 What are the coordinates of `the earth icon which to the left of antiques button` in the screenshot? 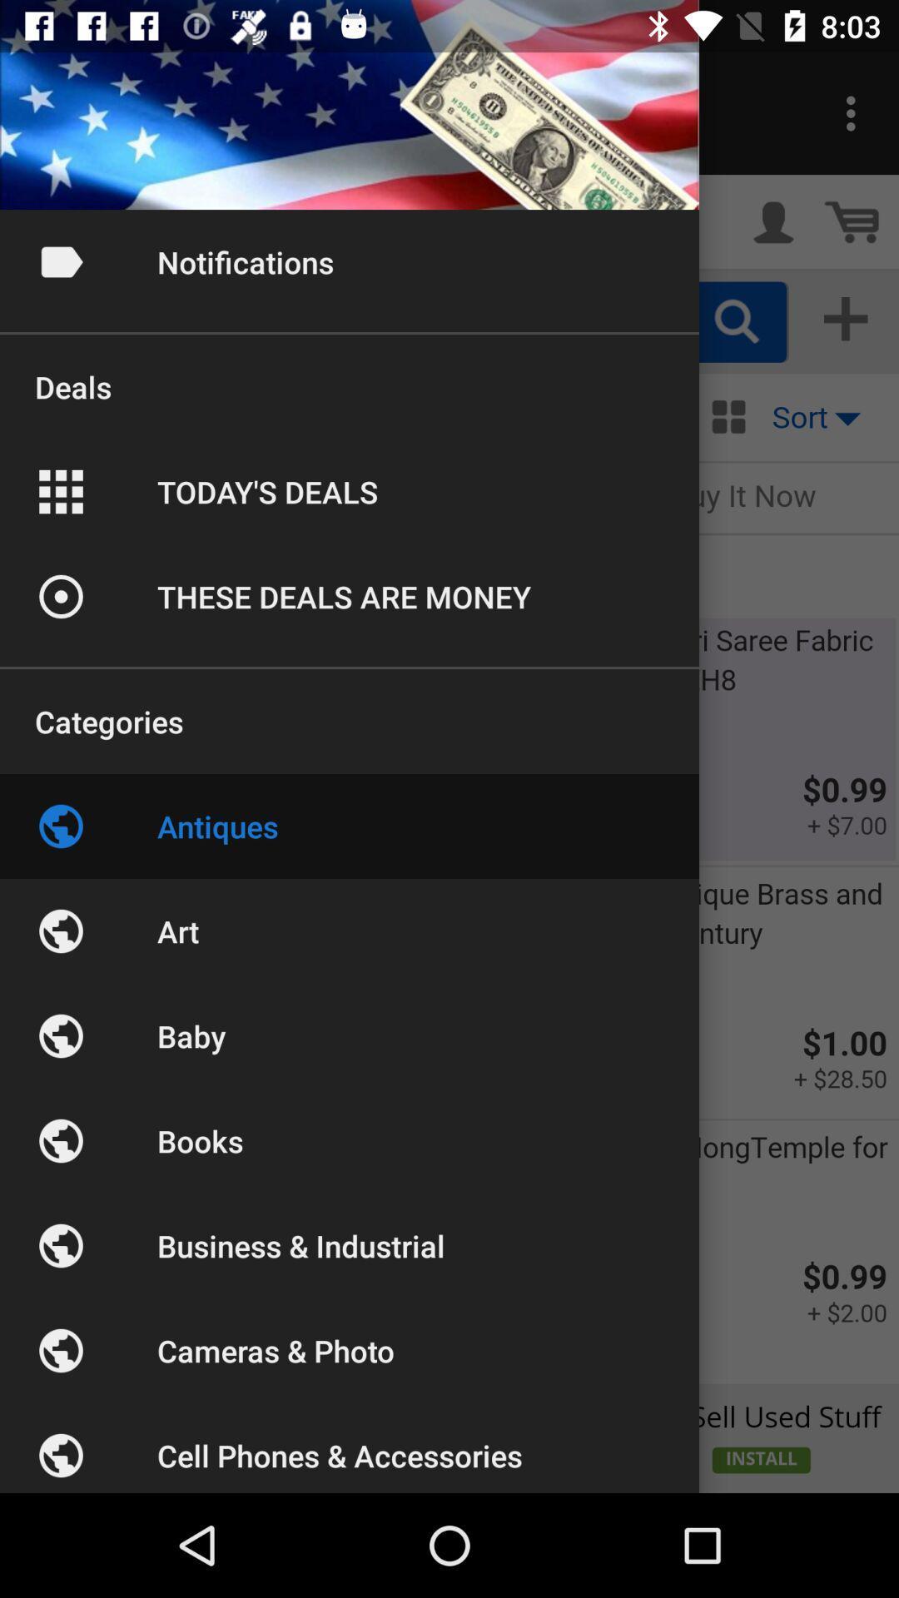 It's located at (60, 826).